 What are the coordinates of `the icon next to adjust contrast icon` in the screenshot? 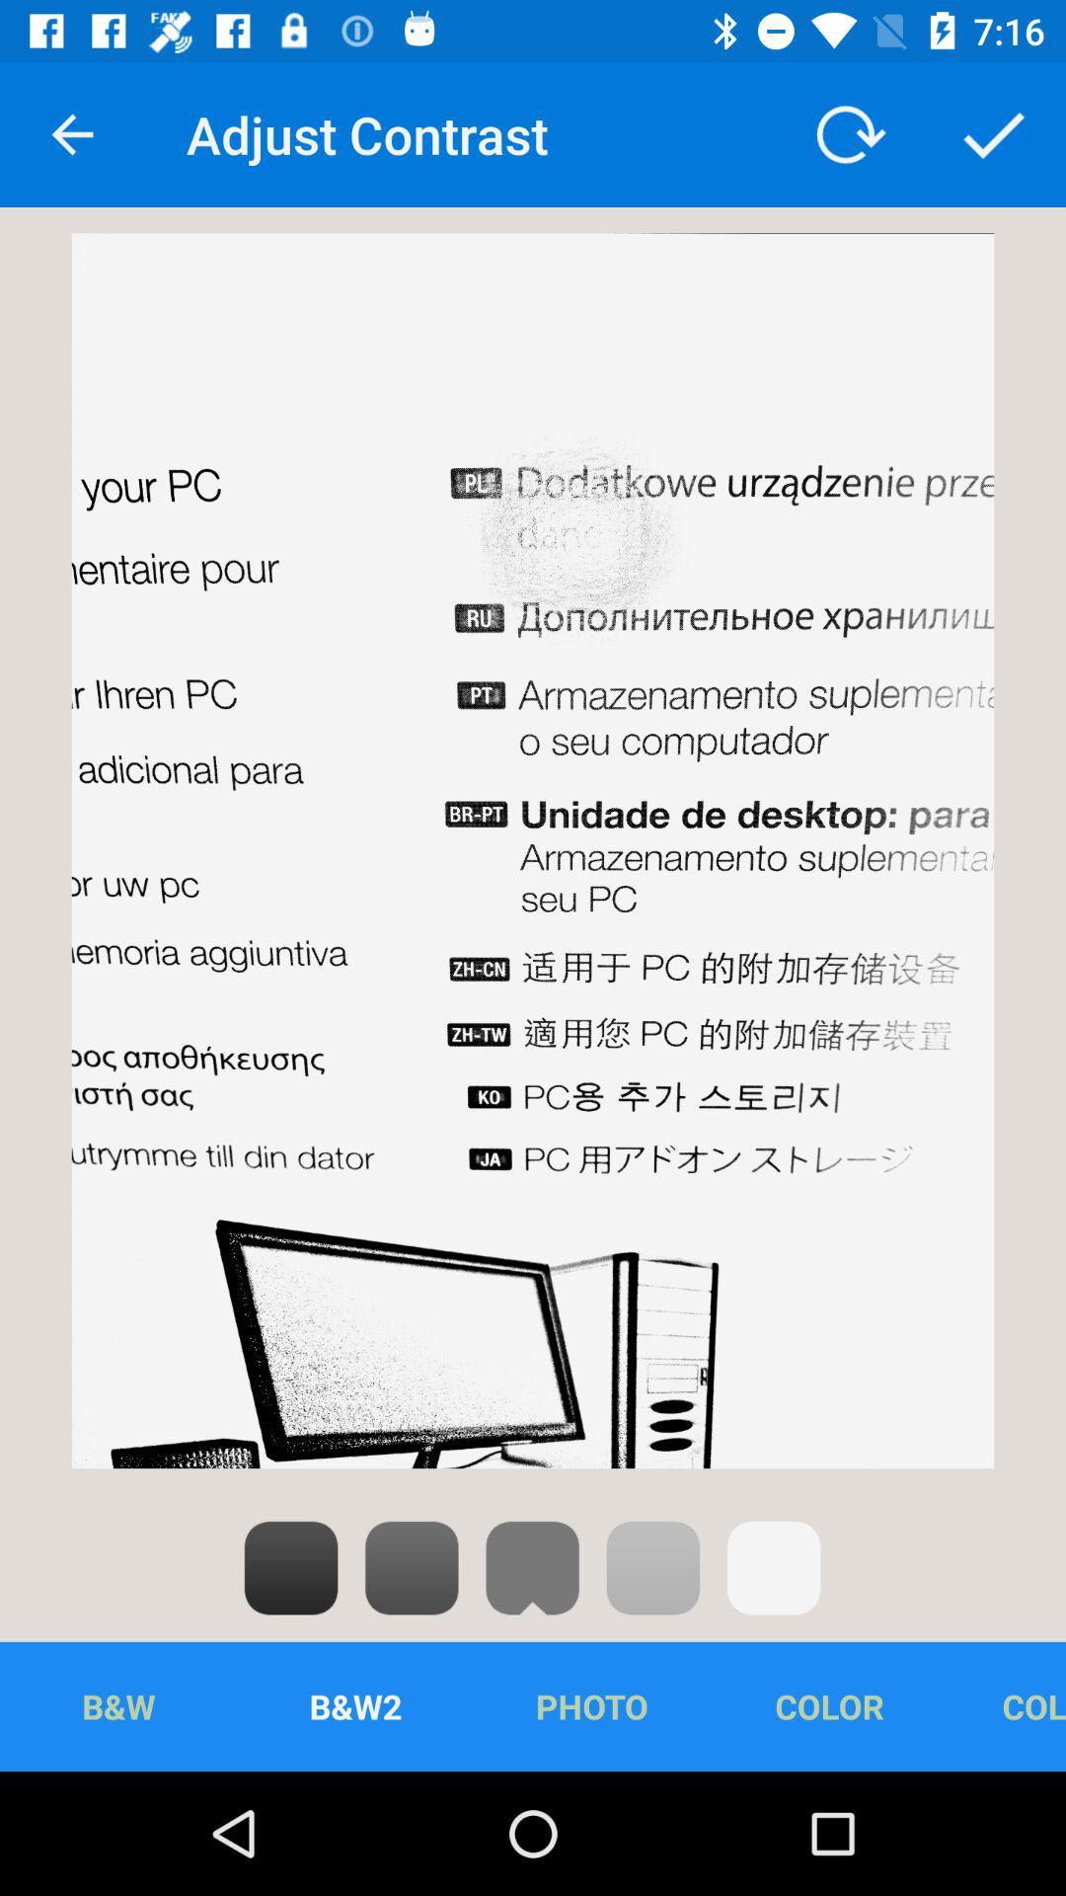 It's located at (71, 133).